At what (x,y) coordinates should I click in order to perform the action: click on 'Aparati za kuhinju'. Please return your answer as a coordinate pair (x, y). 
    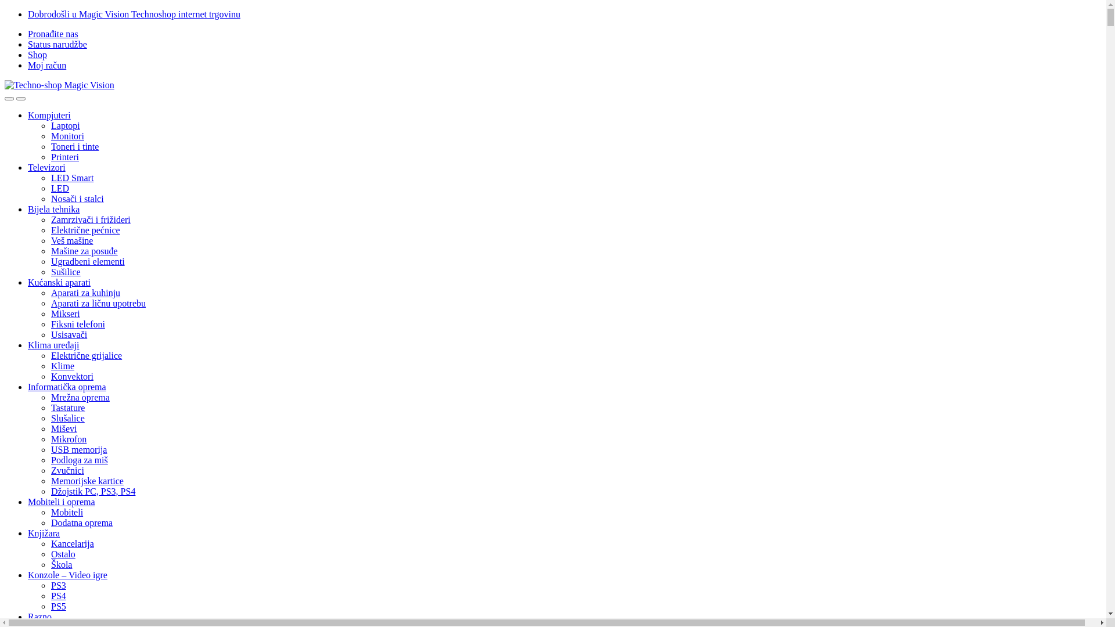
    Looking at the image, I should click on (50, 292).